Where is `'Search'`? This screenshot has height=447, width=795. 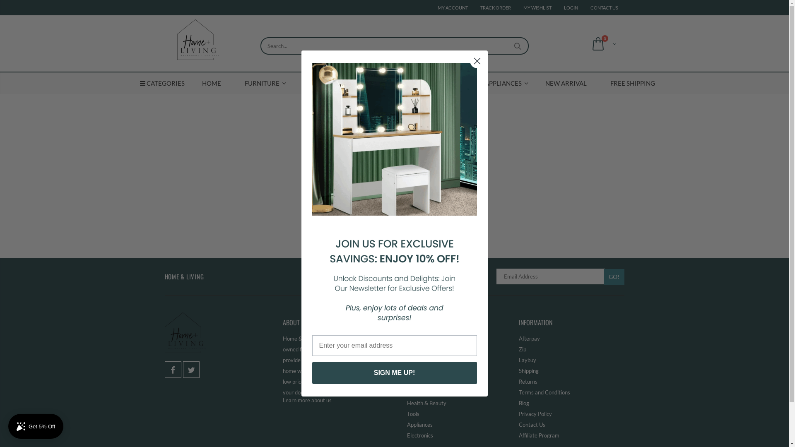 'Search' is located at coordinates (517, 46).